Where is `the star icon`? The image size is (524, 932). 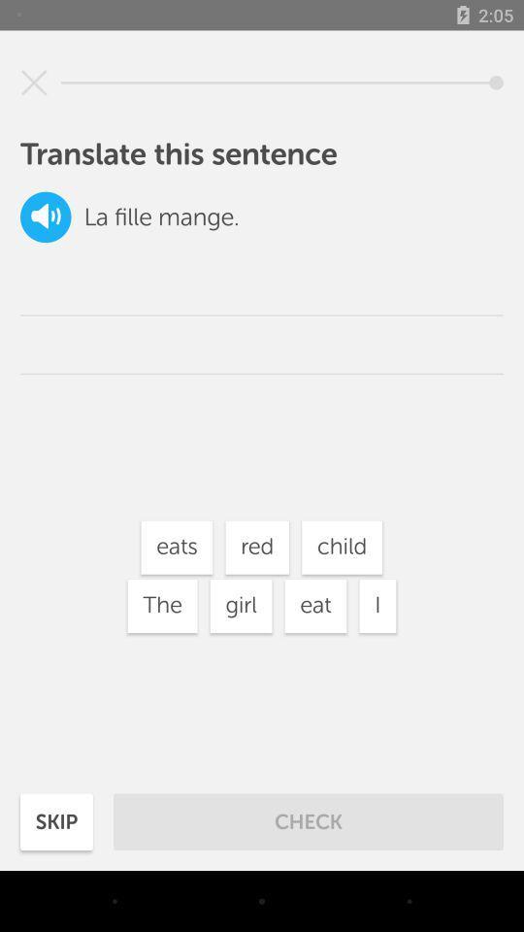 the star icon is located at coordinates (34, 83).